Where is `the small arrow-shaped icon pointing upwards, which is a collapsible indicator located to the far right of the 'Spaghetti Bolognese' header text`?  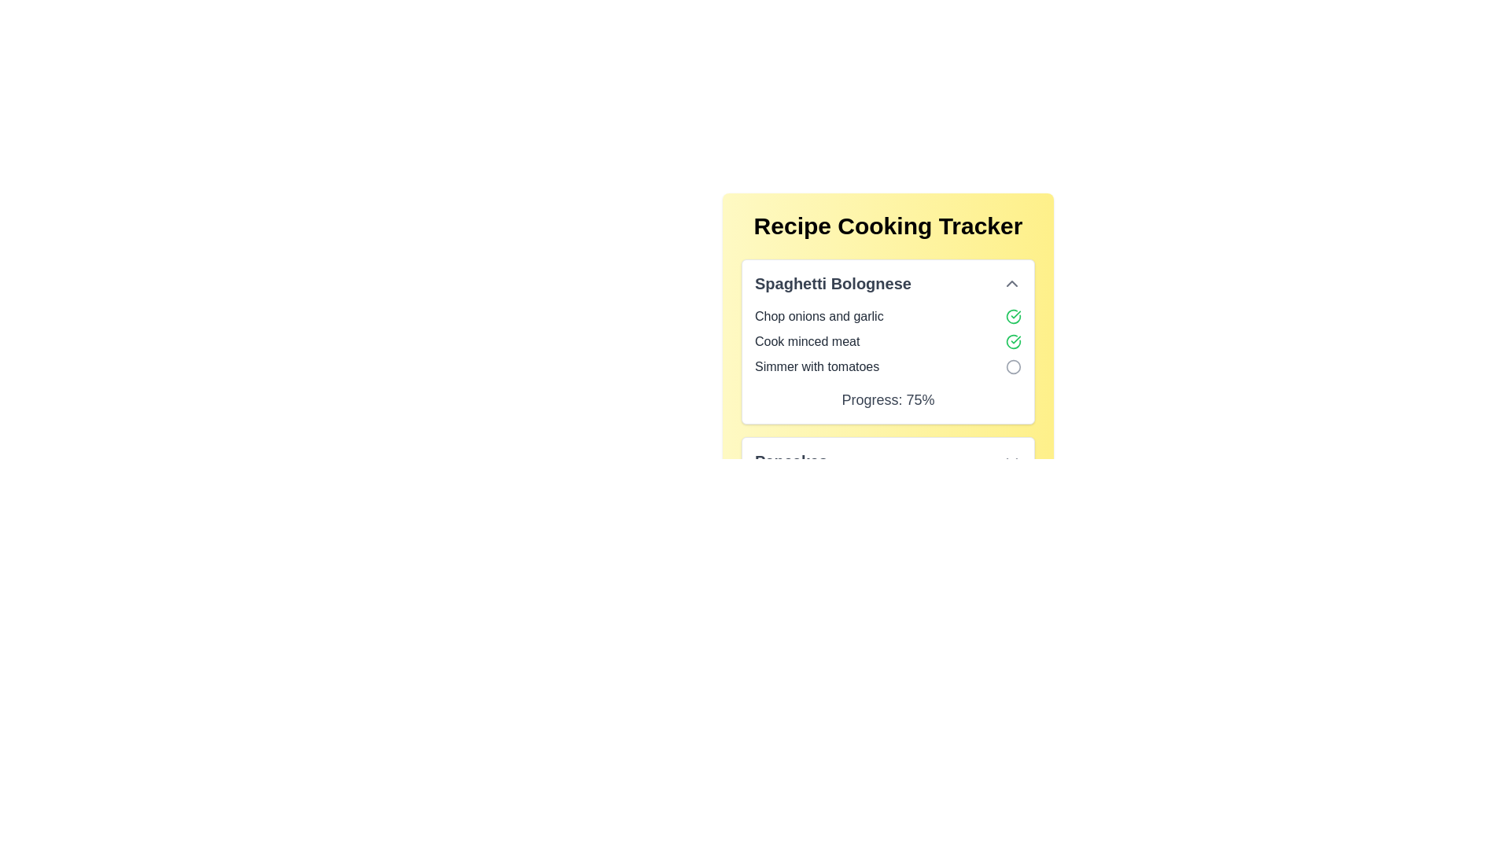
the small arrow-shaped icon pointing upwards, which is a collapsible indicator located to the far right of the 'Spaghetti Bolognese' header text is located at coordinates (1011, 284).